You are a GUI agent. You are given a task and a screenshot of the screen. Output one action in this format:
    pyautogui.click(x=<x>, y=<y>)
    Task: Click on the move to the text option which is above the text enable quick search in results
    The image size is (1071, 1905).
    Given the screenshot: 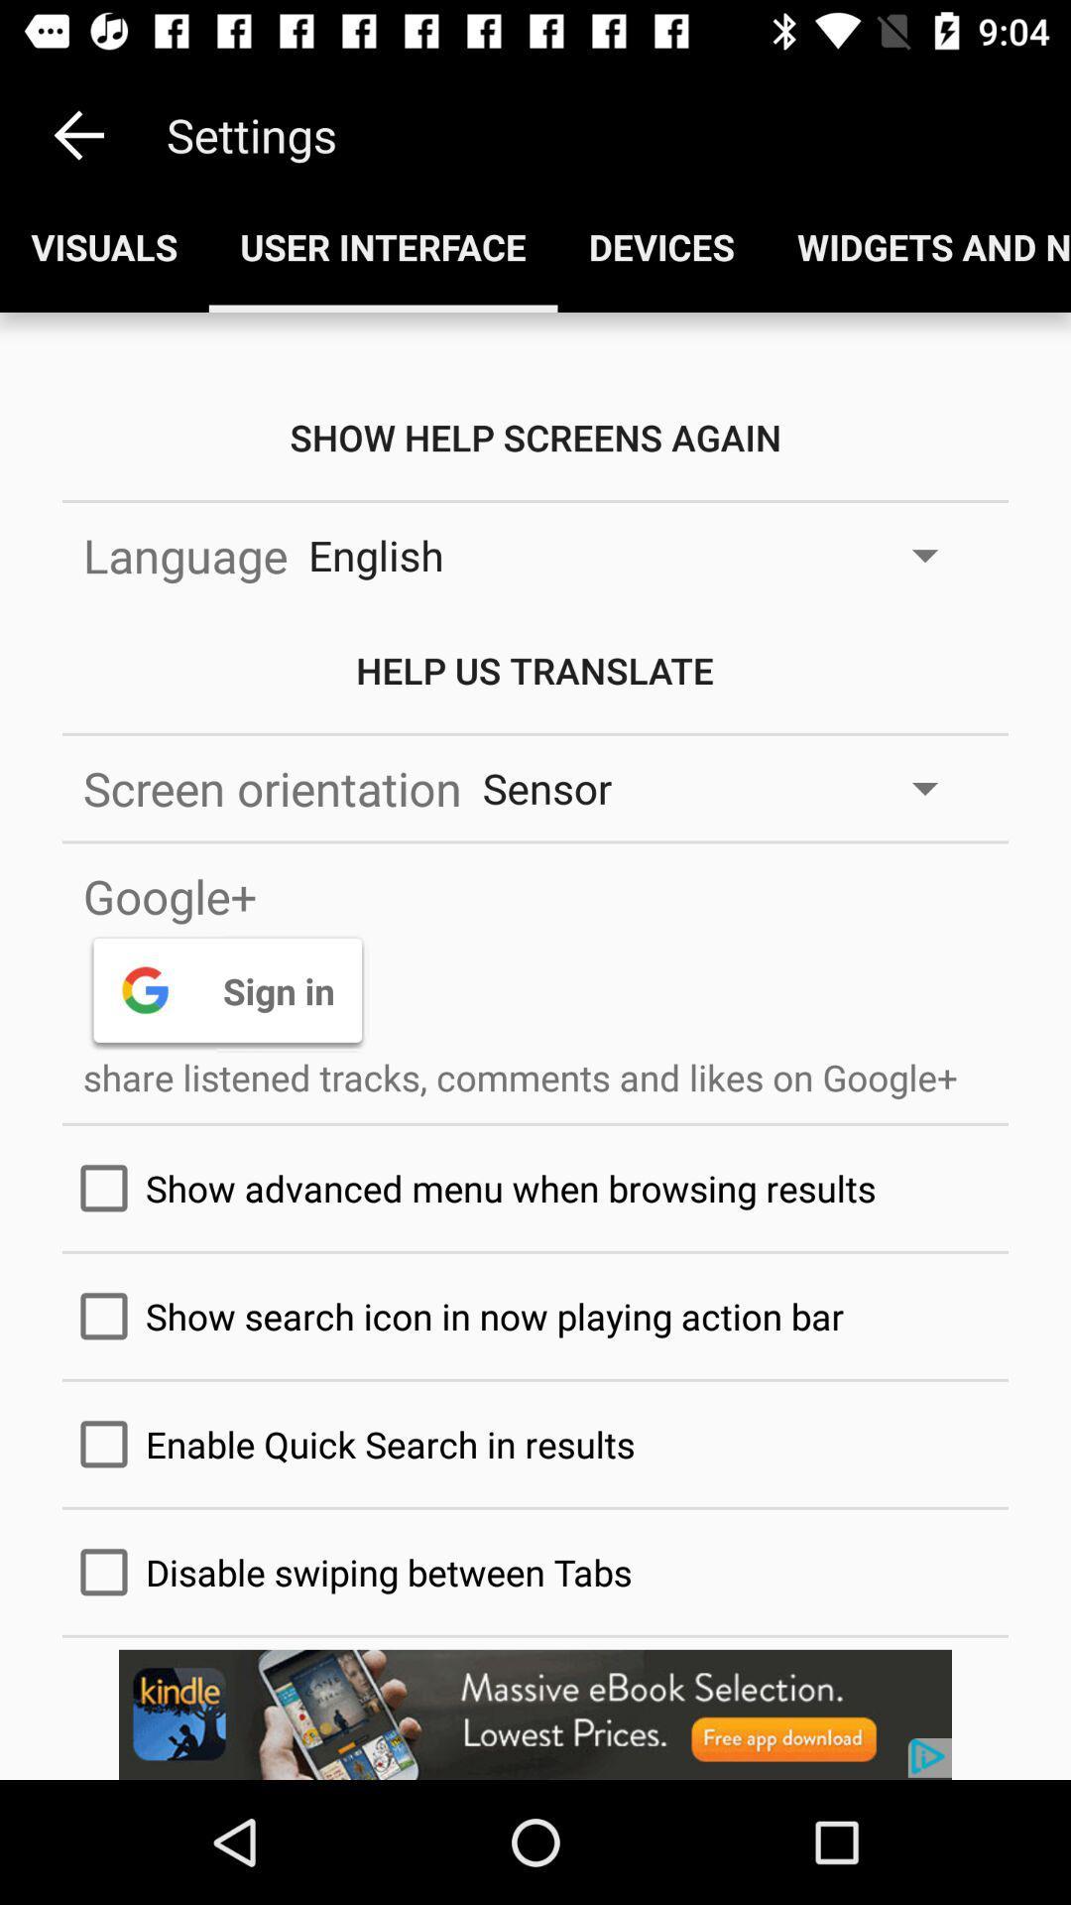 What is the action you would take?
    pyautogui.click(x=535, y=1316)
    